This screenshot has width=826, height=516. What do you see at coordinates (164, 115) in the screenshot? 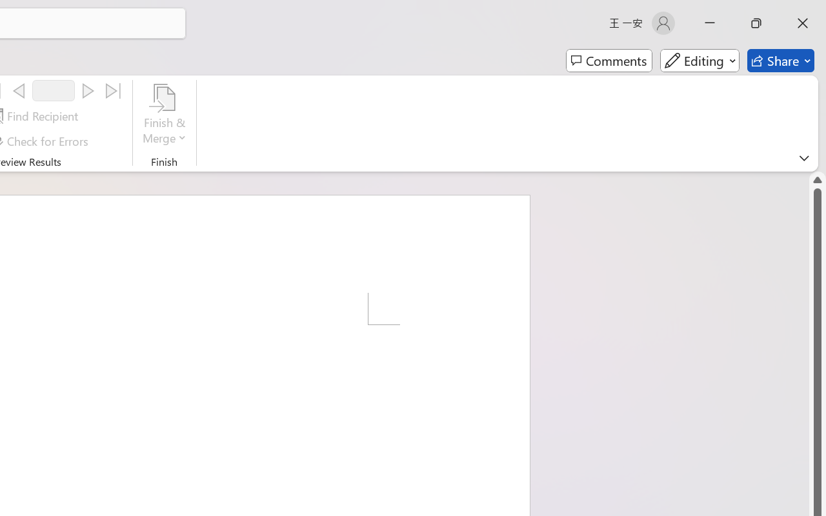
I see `'Finish & Merge'` at bounding box center [164, 115].